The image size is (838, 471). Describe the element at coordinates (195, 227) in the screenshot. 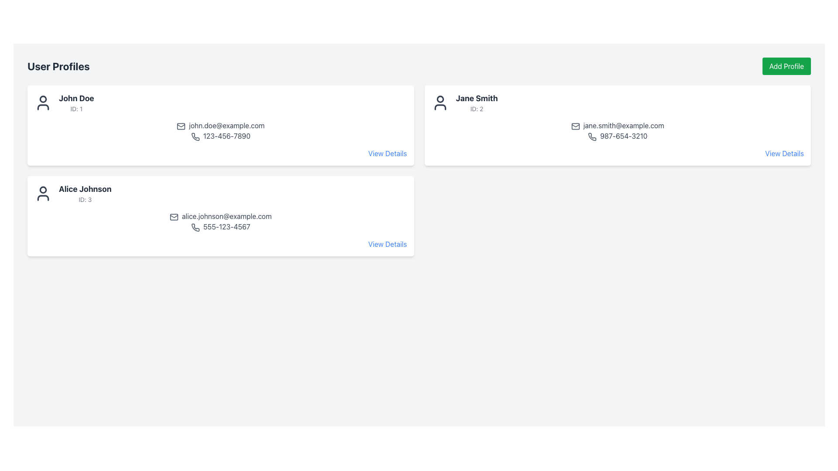

I see `the phone icon, which is a minimalistic gray handset located to the left of the phone number '555-123-4567' in the second user profile` at that location.